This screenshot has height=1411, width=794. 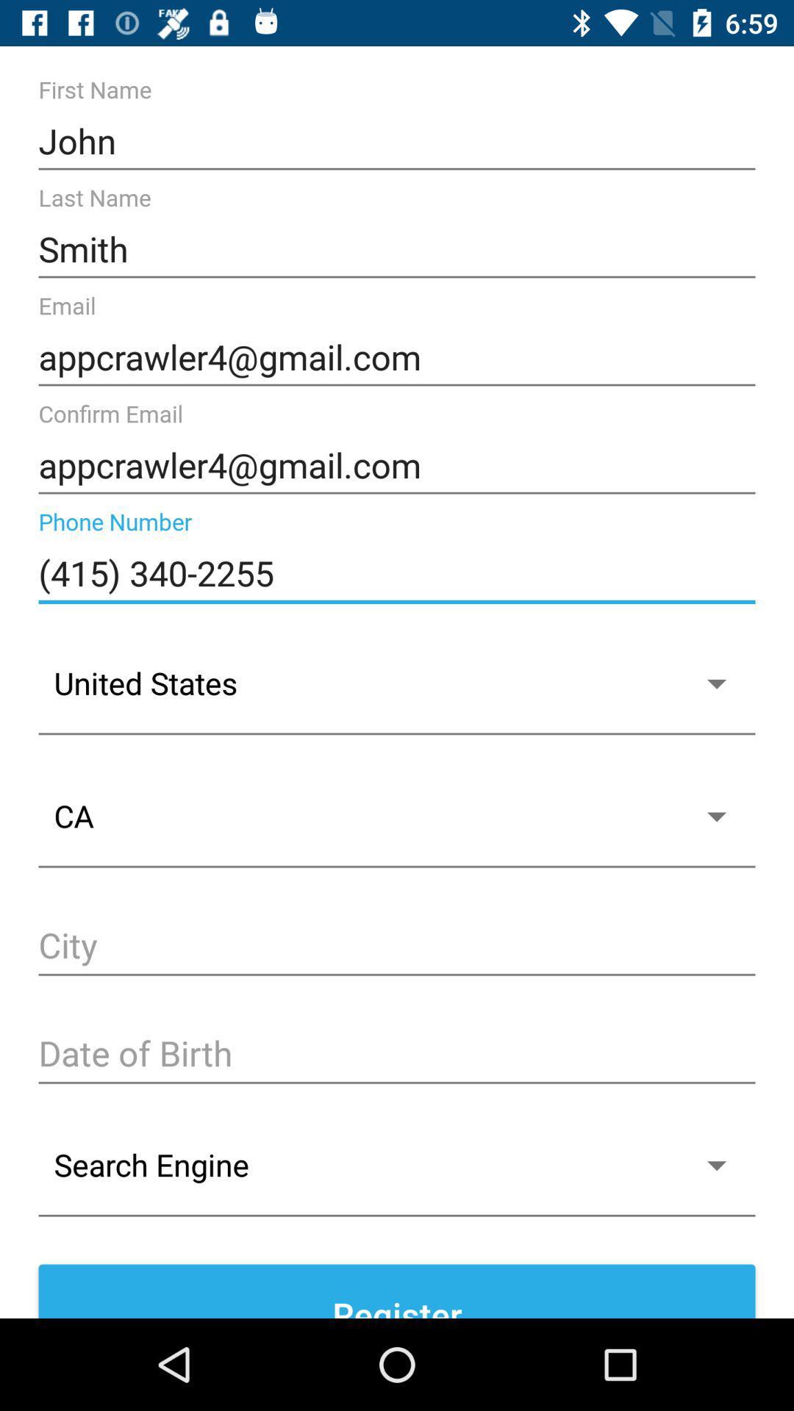 What do you see at coordinates (397, 1055) in the screenshot?
I see `date` at bounding box center [397, 1055].